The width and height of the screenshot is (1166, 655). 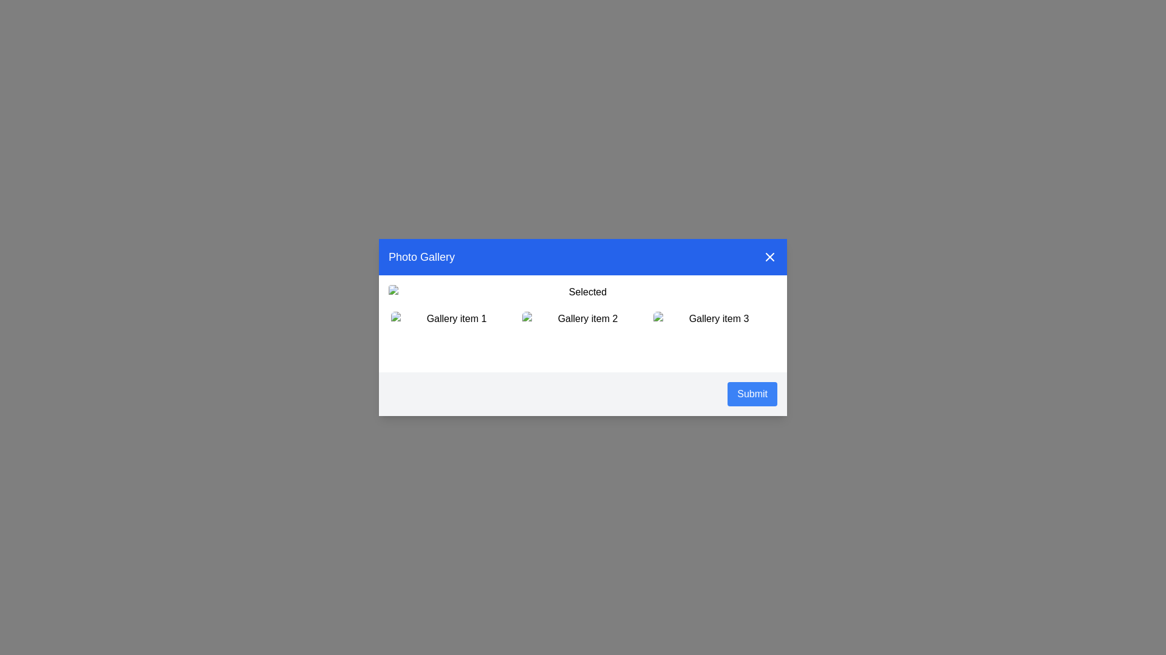 I want to click on the close button in the top-right corner of the dialog, so click(x=769, y=257).